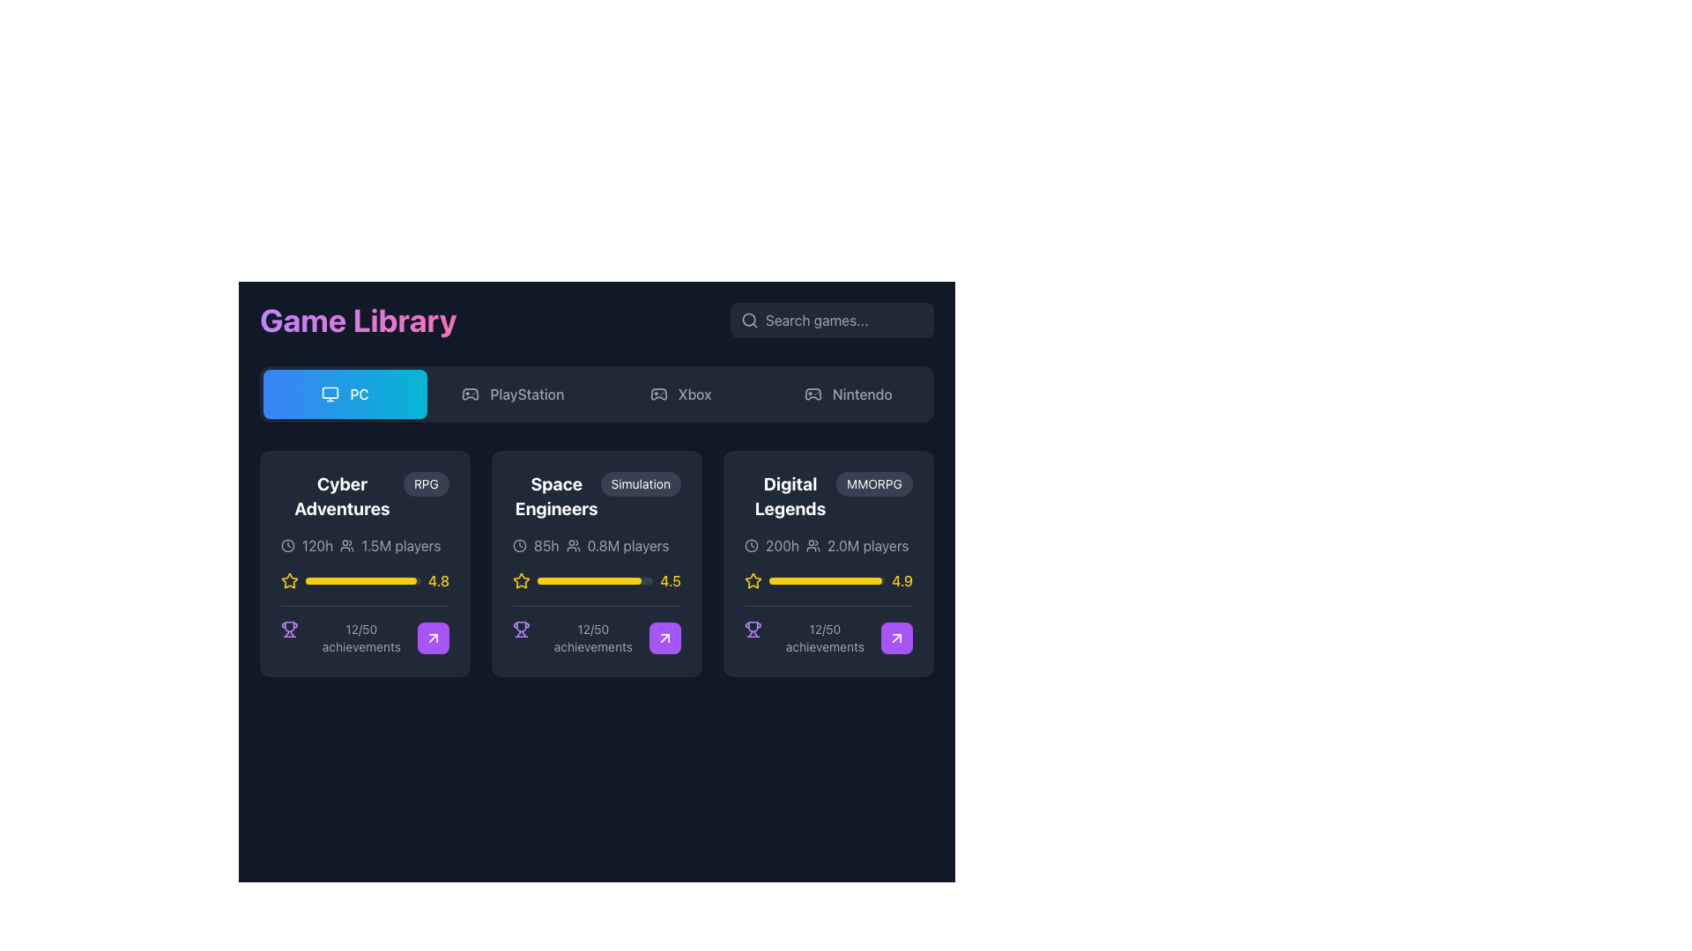 Image resolution: width=1692 pixels, height=951 pixels. What do you see at coordinates (345, 393) in the screenshot?
I see `the 'PC' button, which is the first button in a row of four similar buttons styled with a blue to cyan gradient and containing a computer monitor icon and white text` at bounding box center [345, 393].